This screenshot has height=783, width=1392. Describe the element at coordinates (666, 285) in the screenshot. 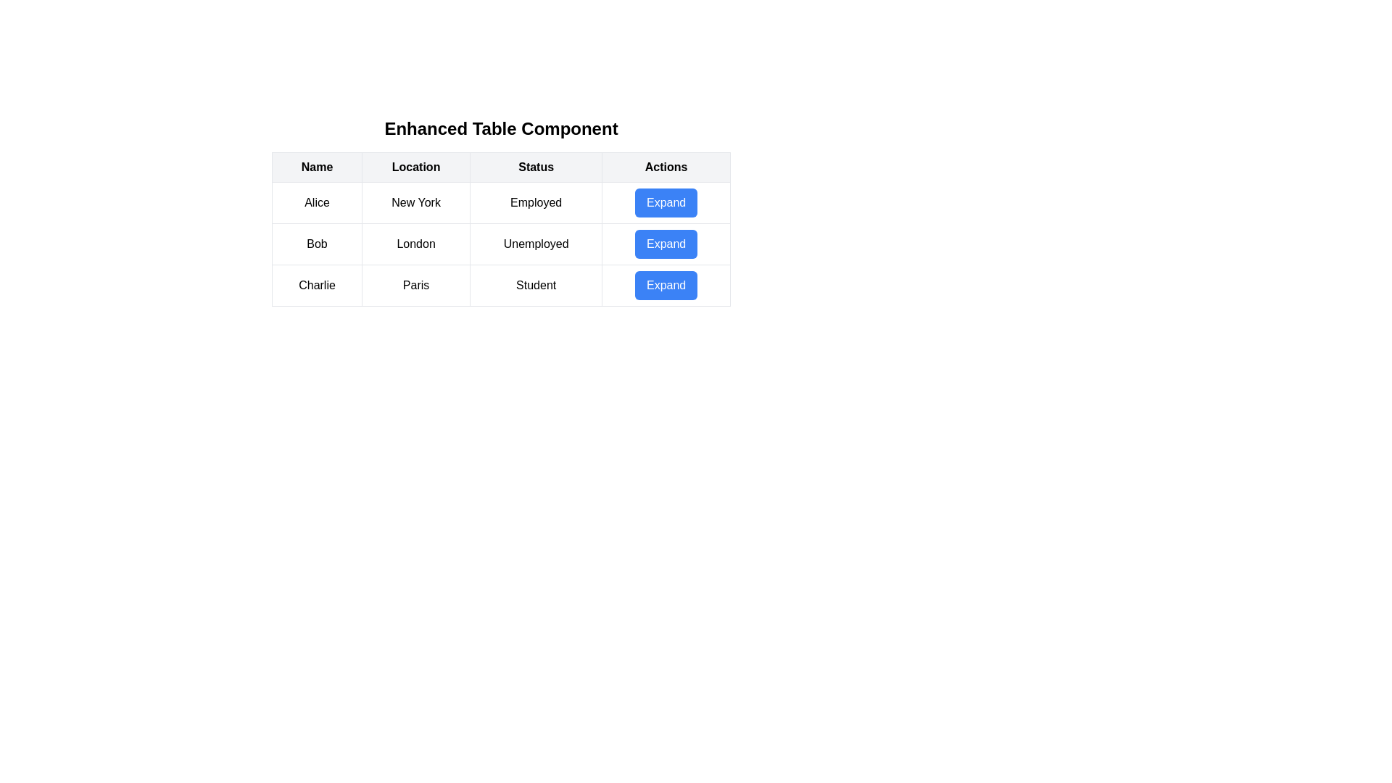

I see `the button located in the 'Actions' column of the last row in the table adjacent to the 'Charlie, Paris, Student' row` at that location.